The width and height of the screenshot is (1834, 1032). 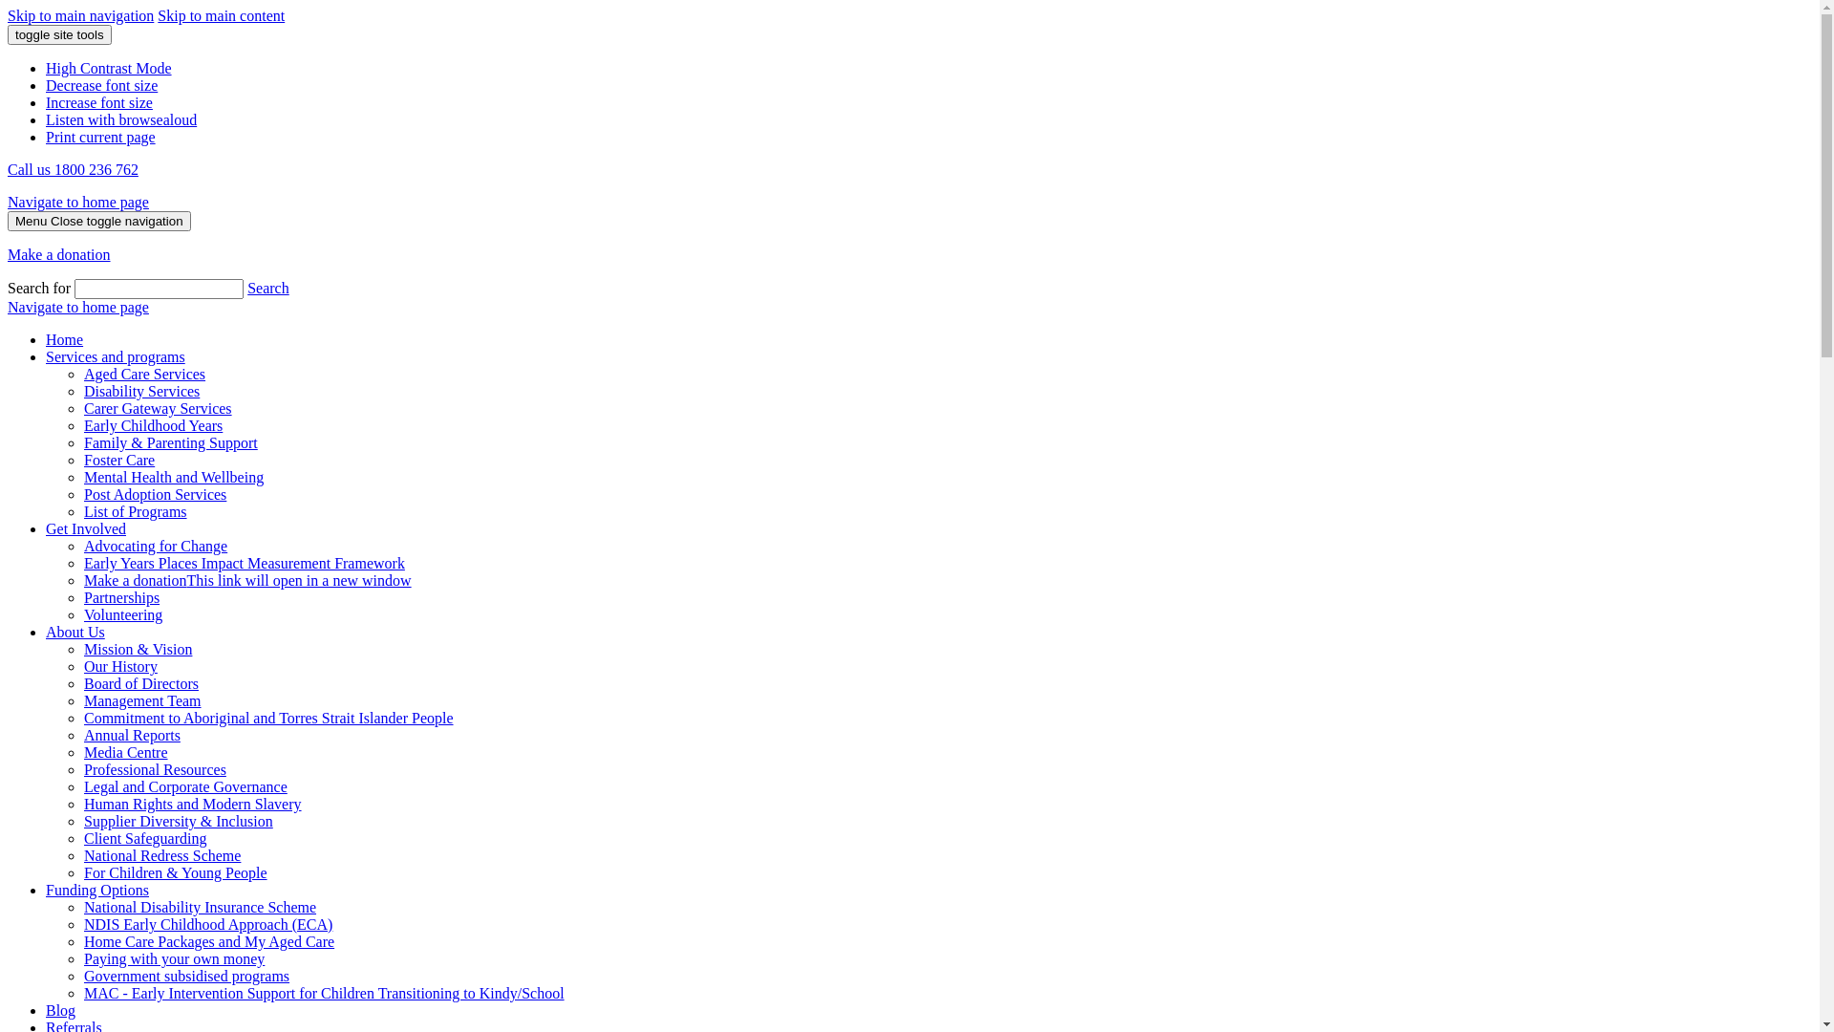 I want to click on 'Make a donationThis link will open in a new window', so click(x=246, y=579).